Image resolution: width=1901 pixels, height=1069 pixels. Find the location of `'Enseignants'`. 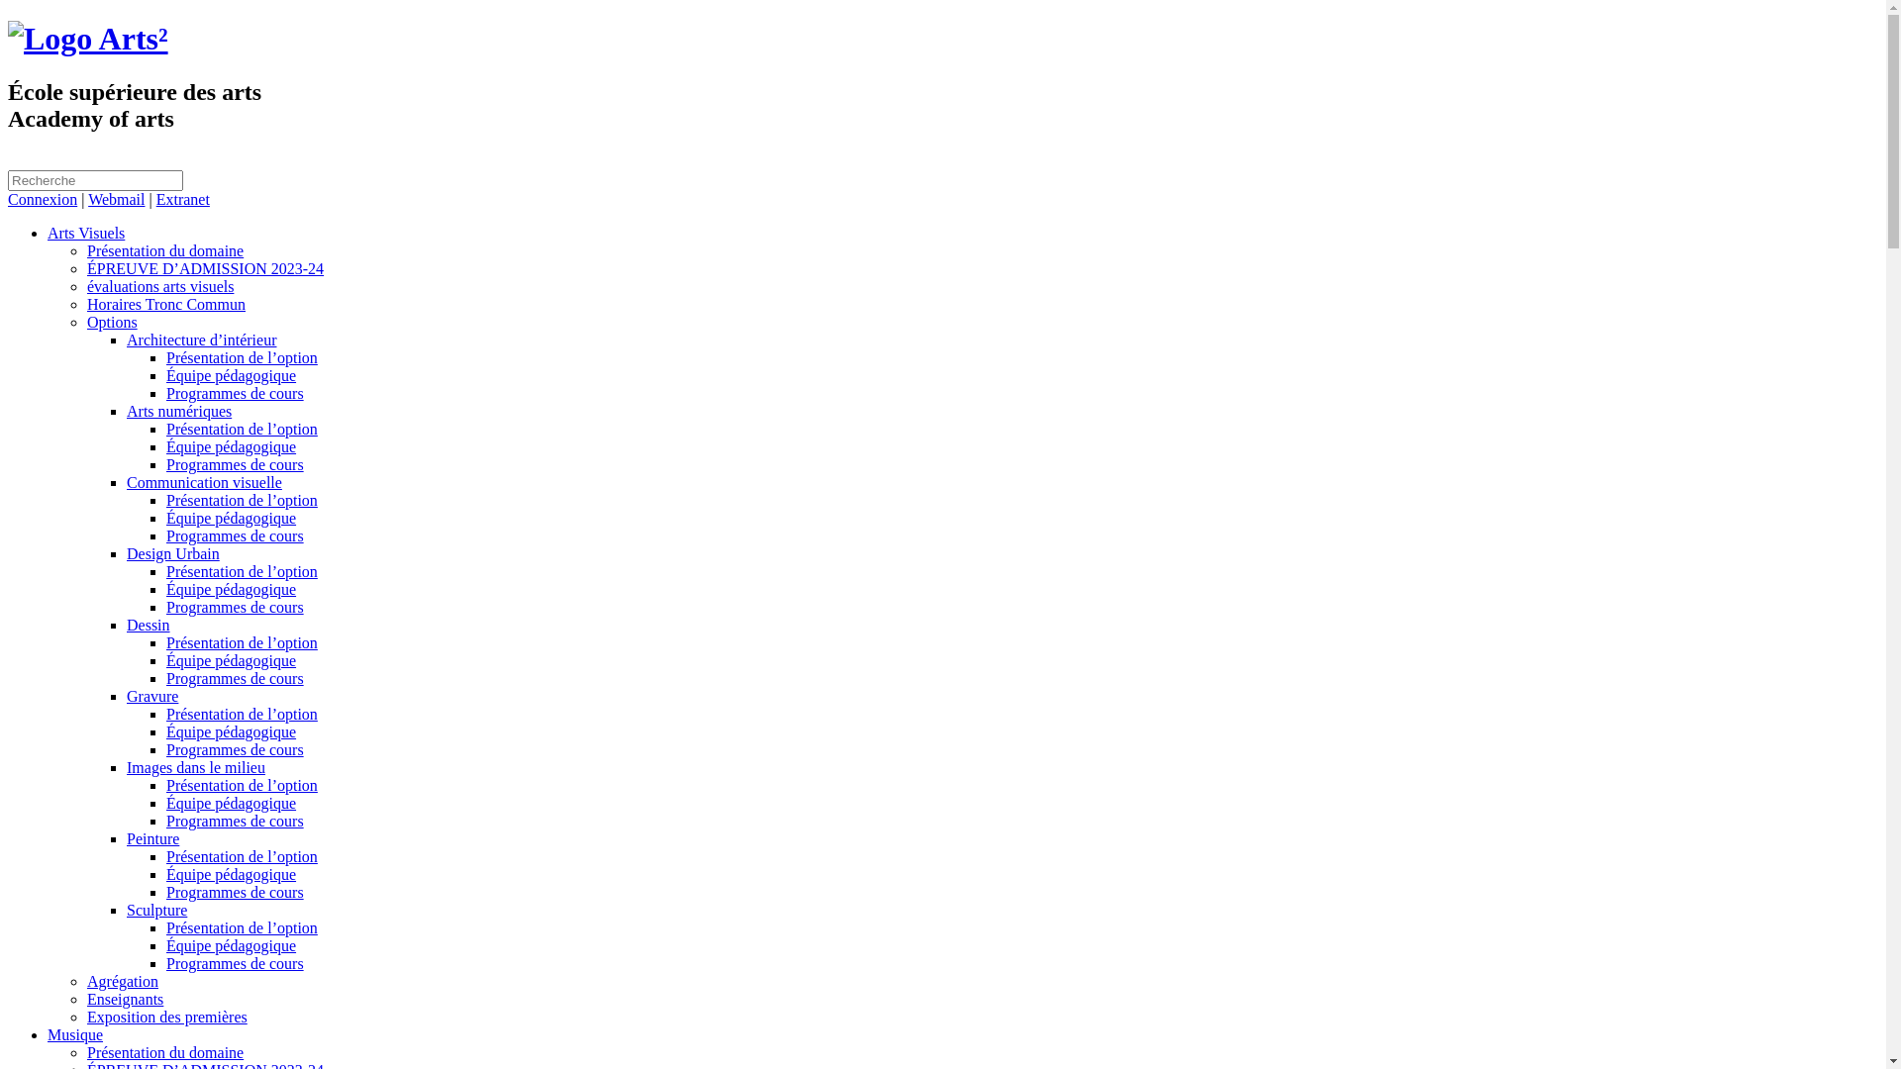

'Enseignants' is located at coordinates (124, 999).